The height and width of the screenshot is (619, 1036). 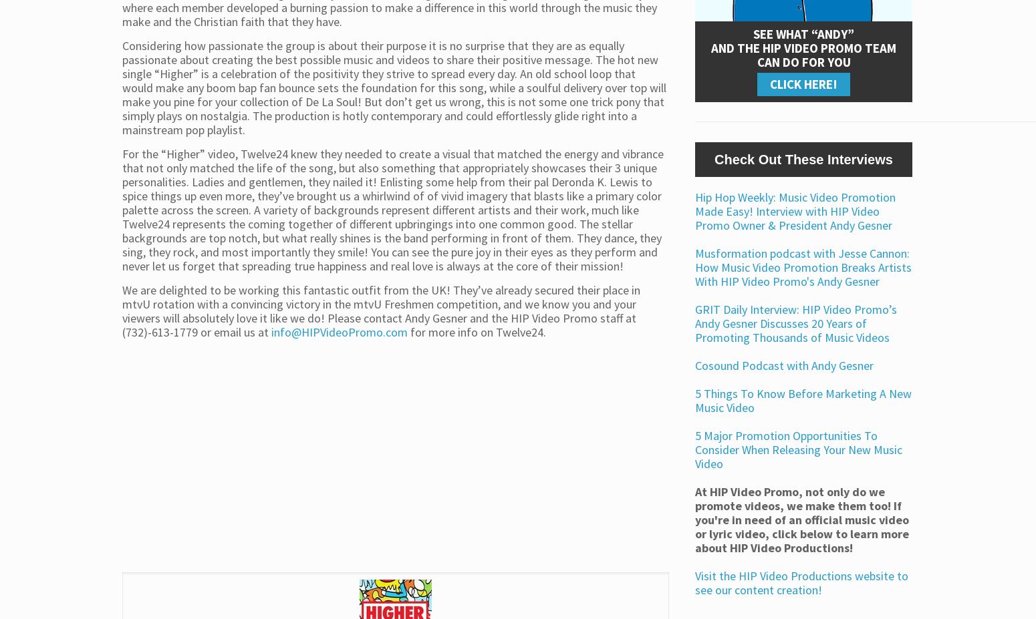 What do you see at coordinates (340, 331) in the screenshot?
I see `'info@HIPVideoPromo.com'` at bounding box center [340, 331].